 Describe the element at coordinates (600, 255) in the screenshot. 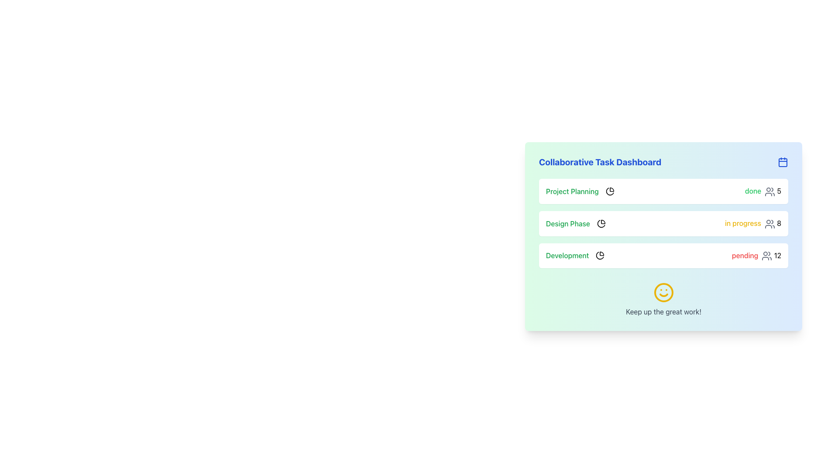

I see `the pie chart icon located to the right of the 'Development' text in the third row of the task list` at that location.